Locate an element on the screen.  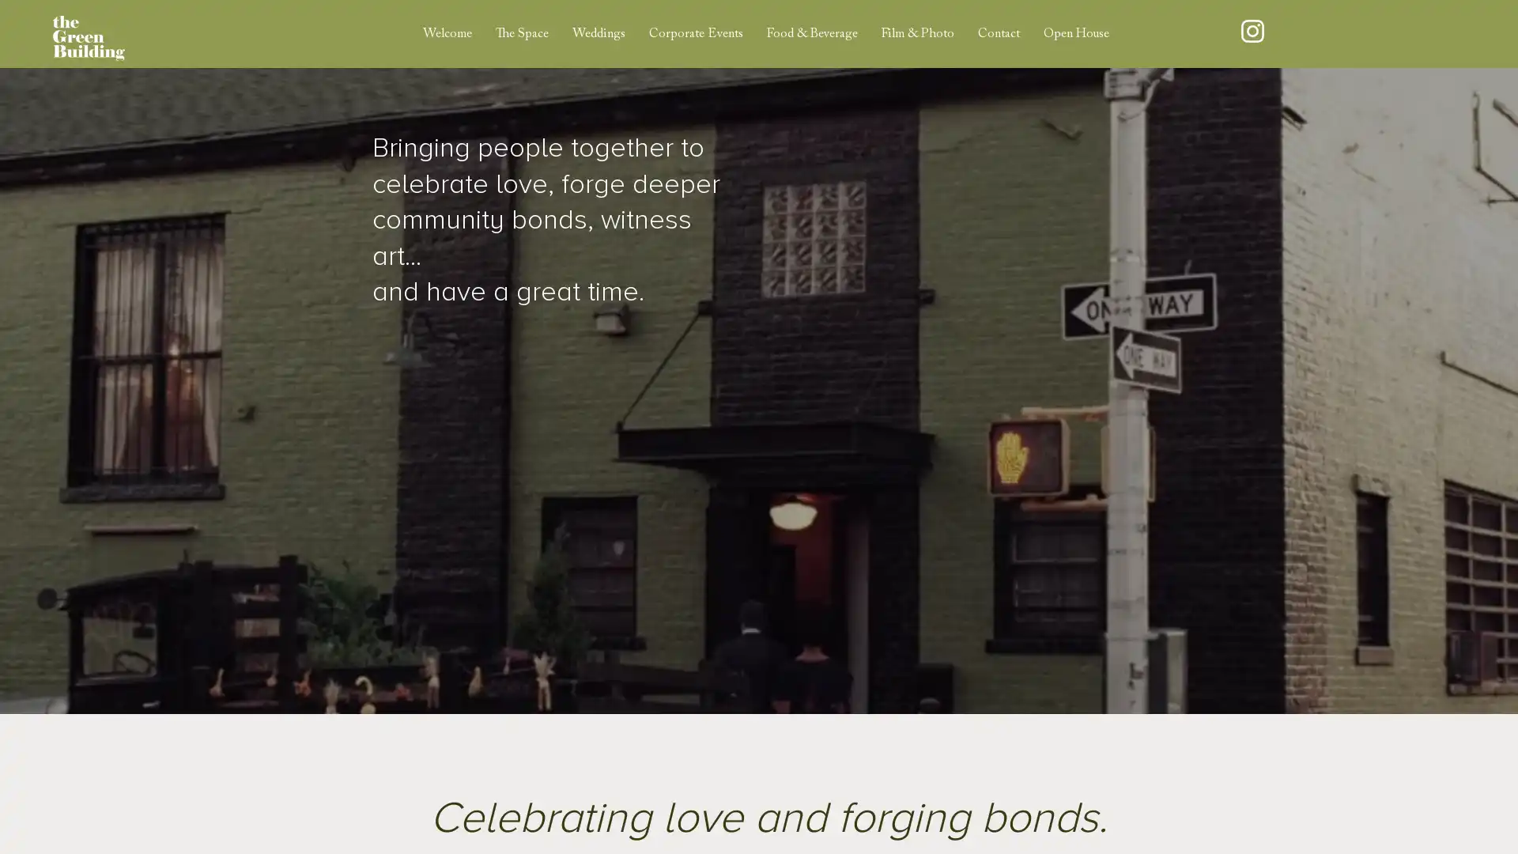
Log In is located at coordinates (1348, 33).